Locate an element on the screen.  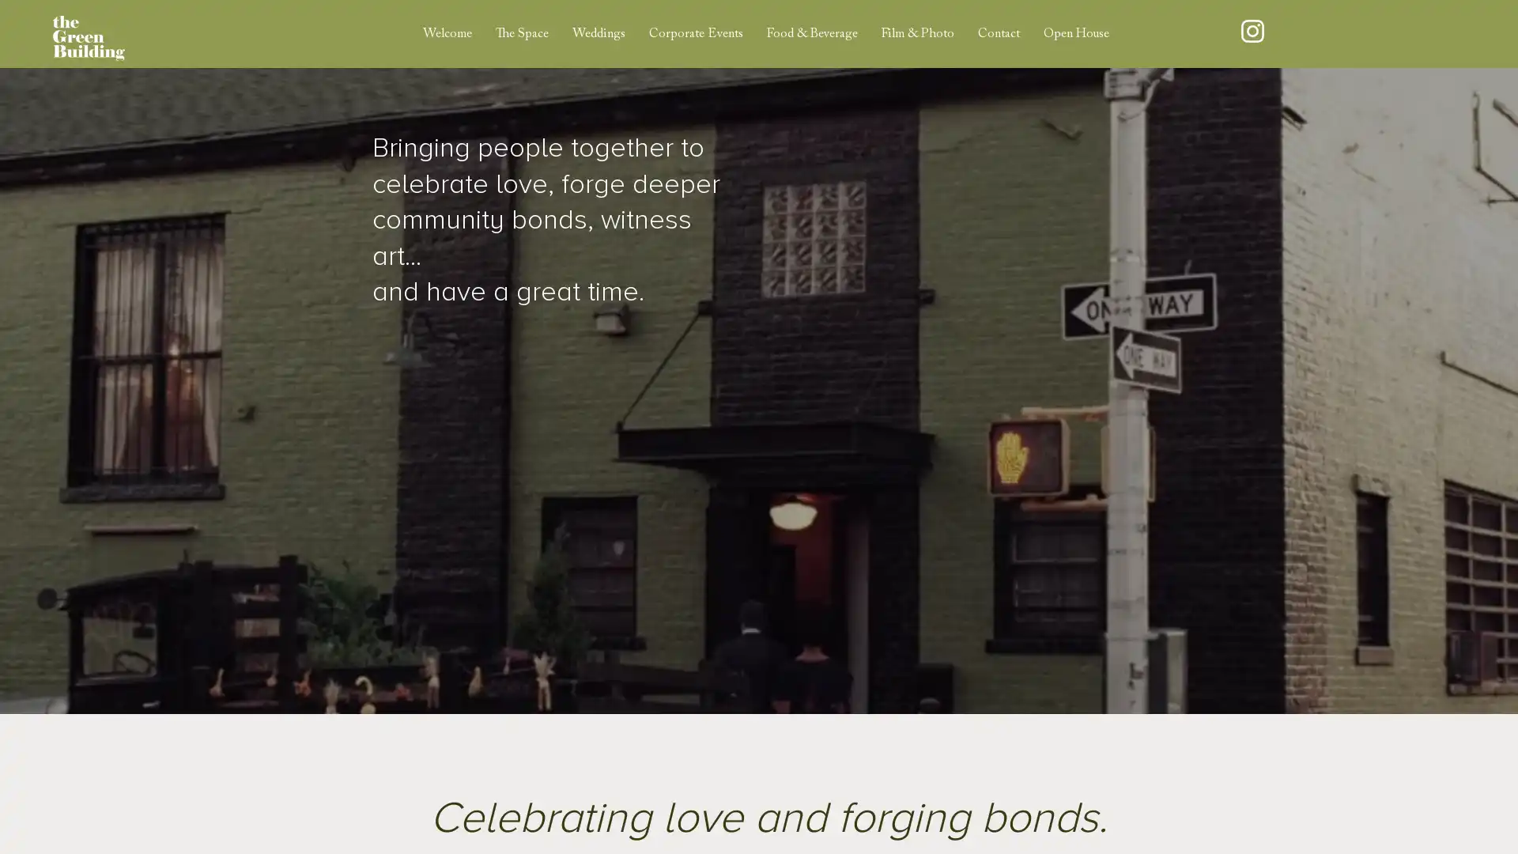
Log In is located at coordinates (1348, 33).